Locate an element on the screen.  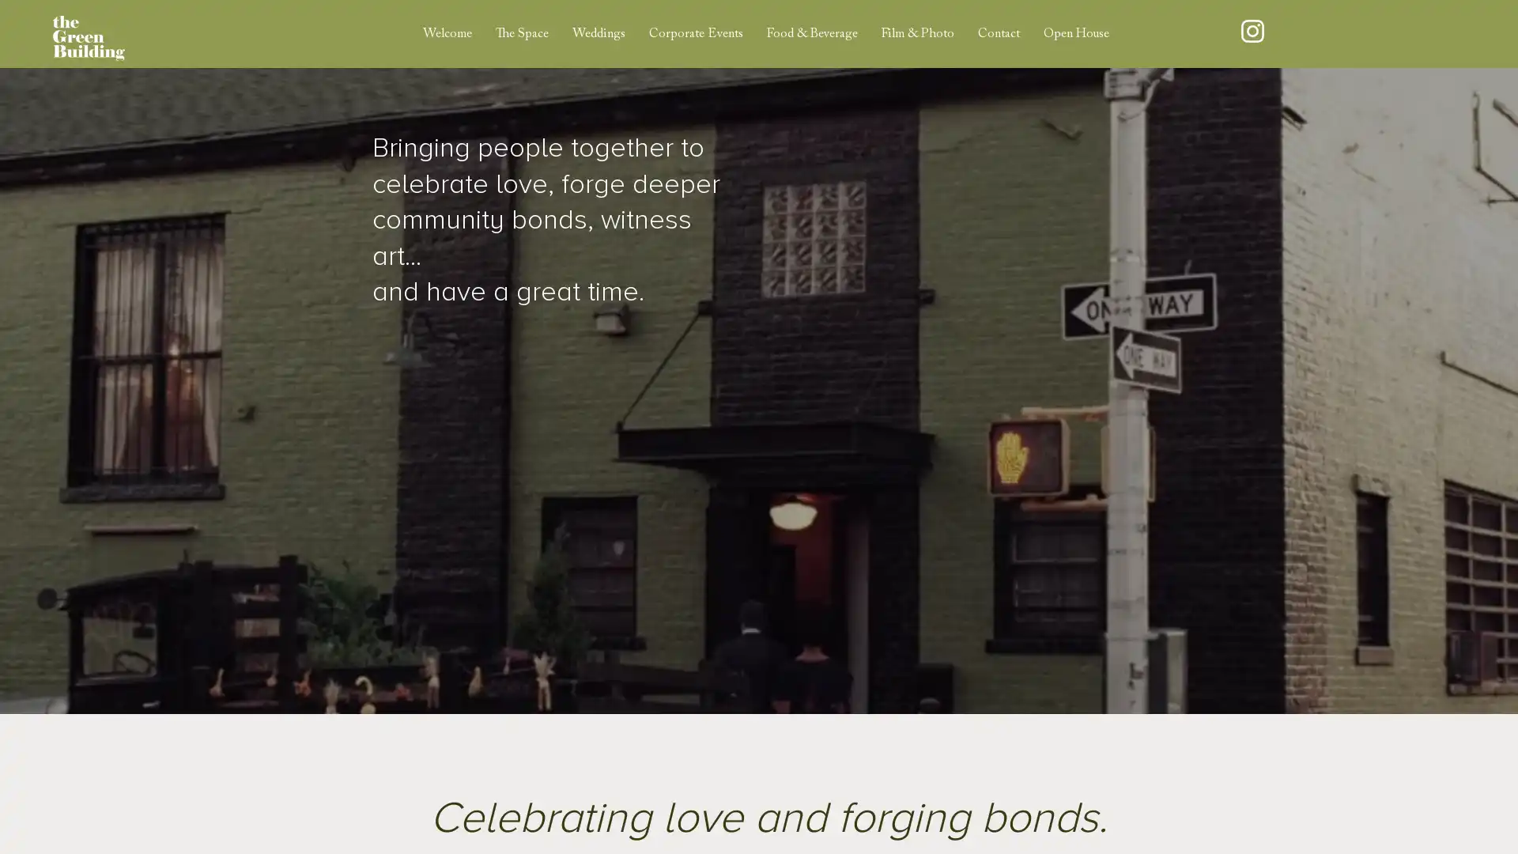
Log In is located at coordinates (1348, 33).